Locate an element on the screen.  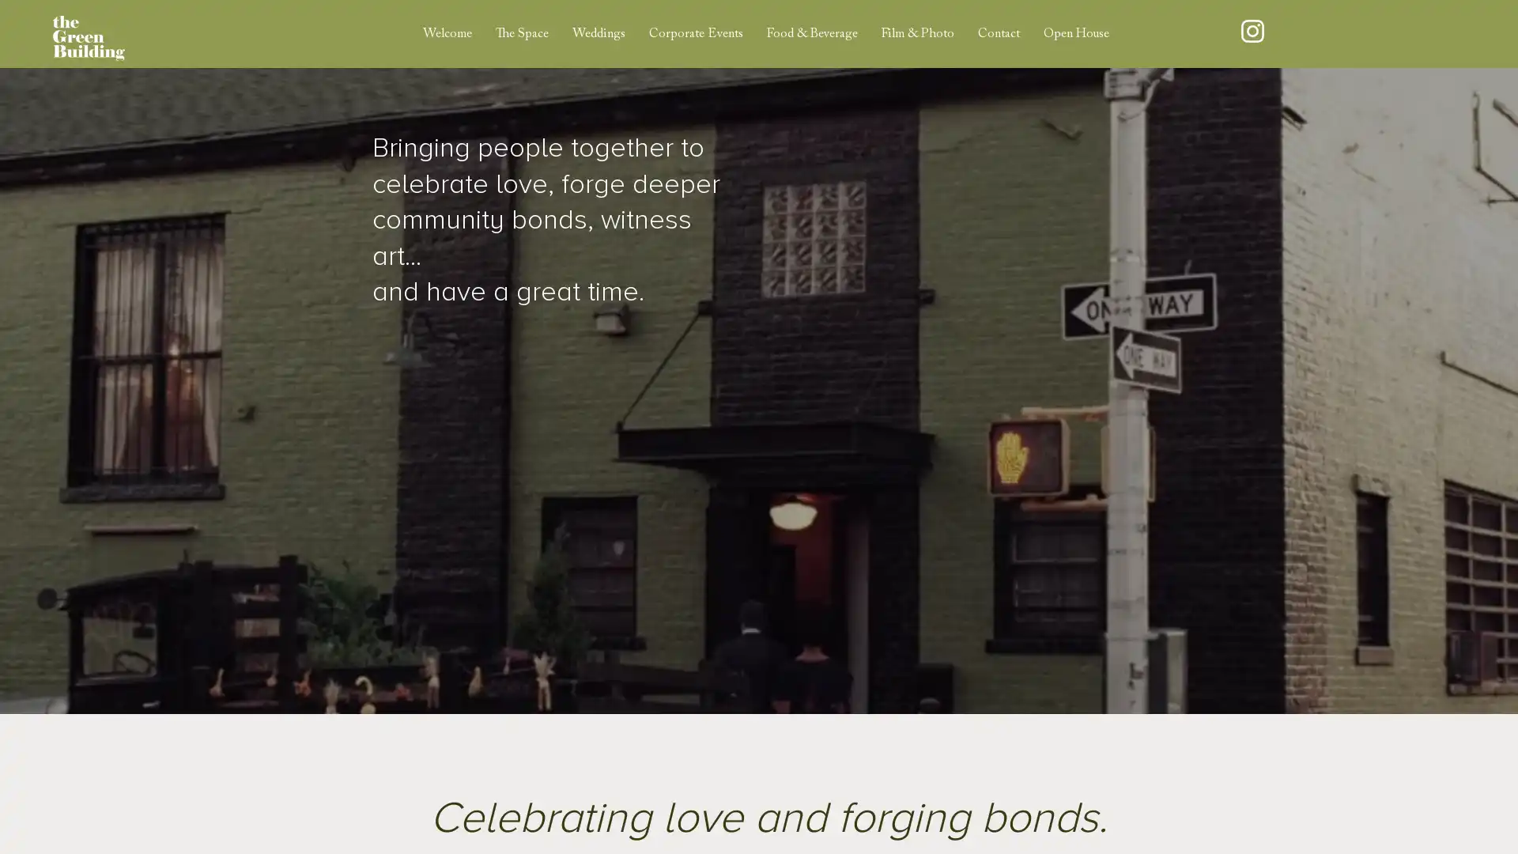
Log In is located at coordinates (1348, 33).